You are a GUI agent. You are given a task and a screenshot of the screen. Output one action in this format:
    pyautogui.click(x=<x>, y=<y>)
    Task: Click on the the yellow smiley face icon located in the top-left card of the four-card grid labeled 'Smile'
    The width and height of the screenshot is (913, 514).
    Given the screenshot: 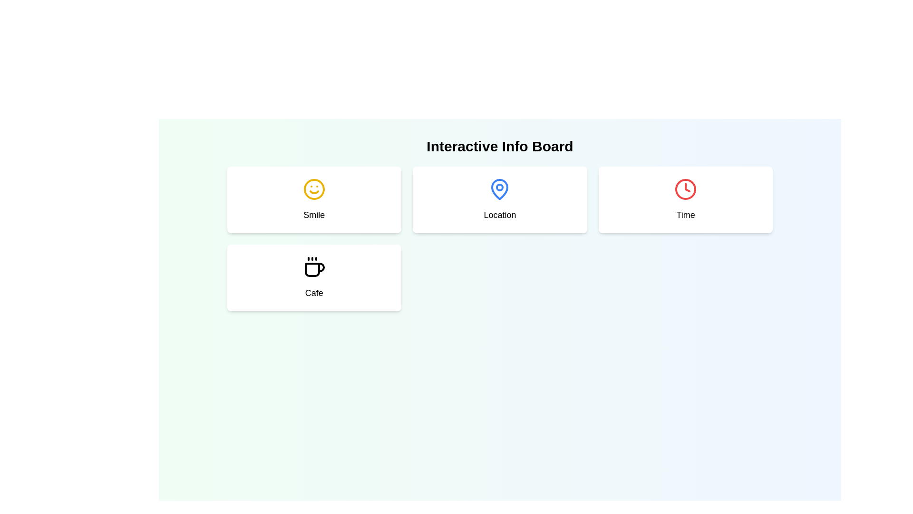 What is the action you would take?
    pyautogui.click(x=314, y=189)
    